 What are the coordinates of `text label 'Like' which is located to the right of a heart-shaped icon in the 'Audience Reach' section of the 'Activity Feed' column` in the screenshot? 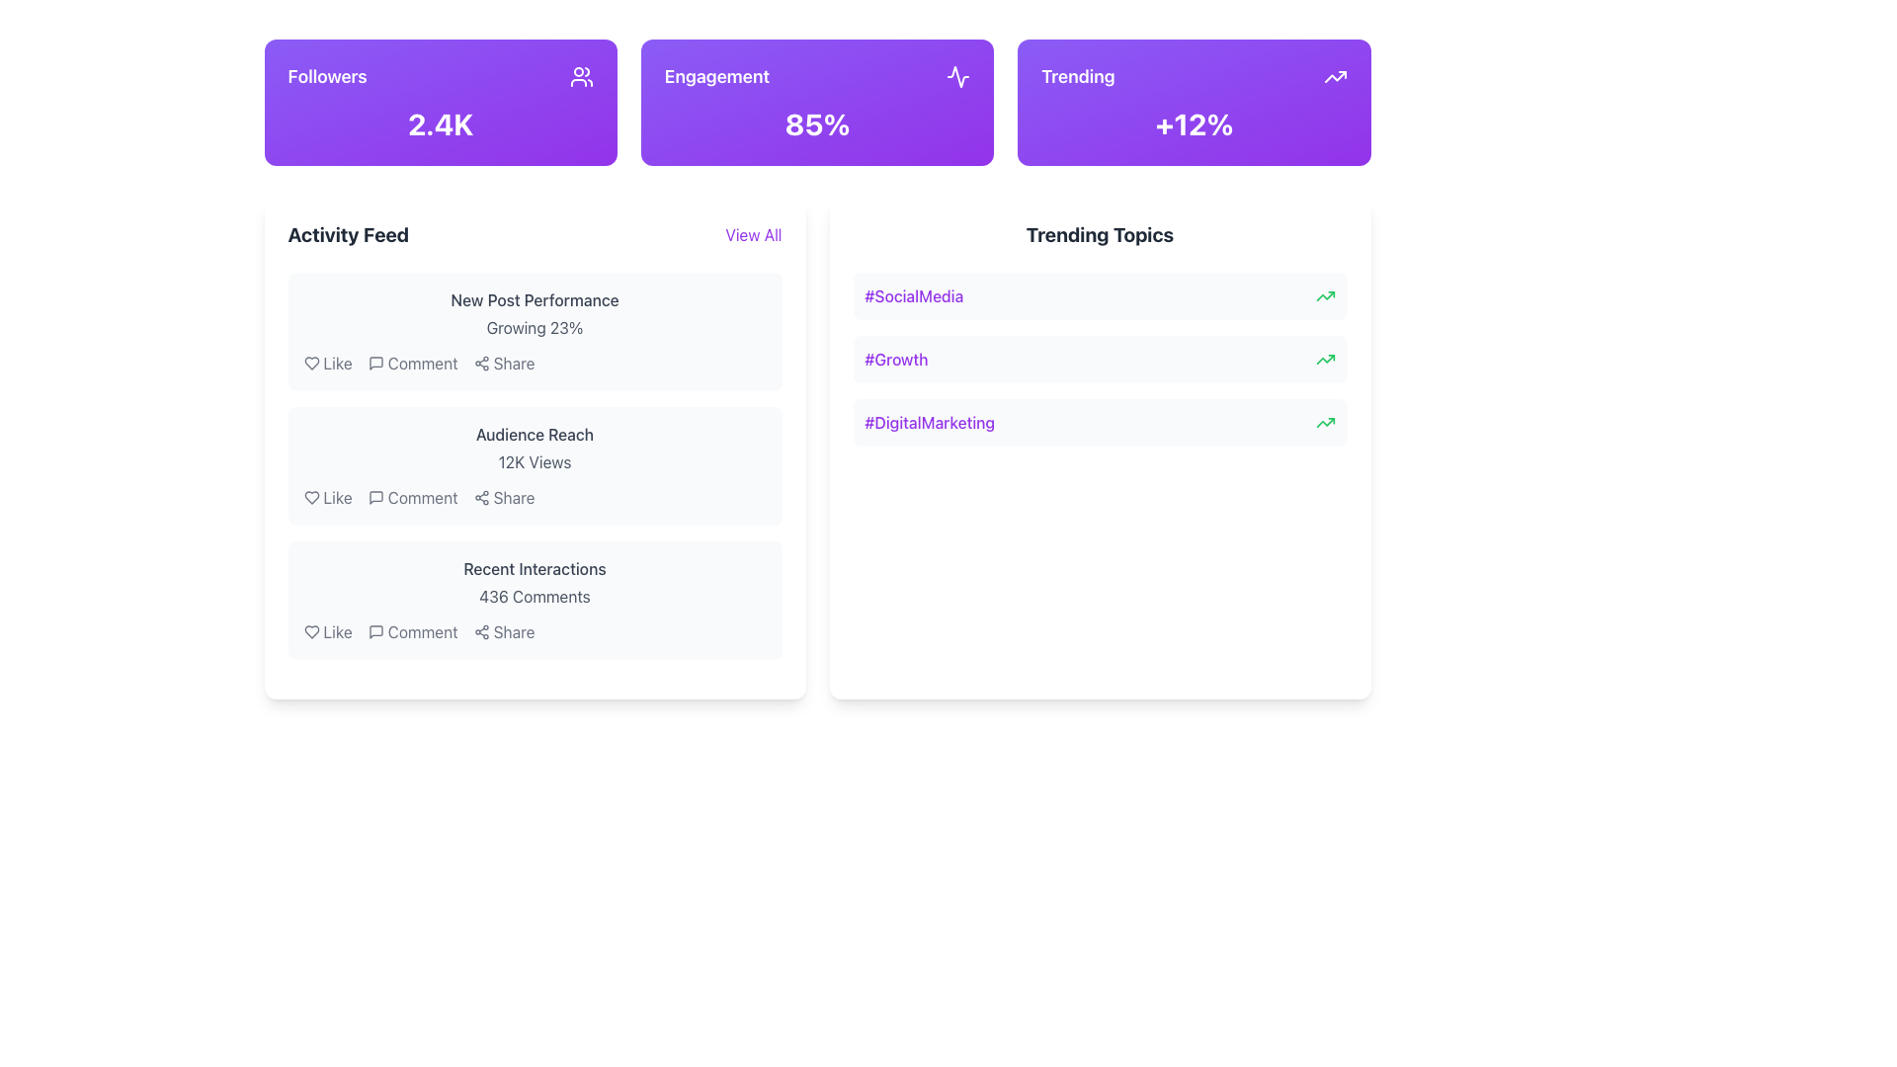 It's located at (338, 497).